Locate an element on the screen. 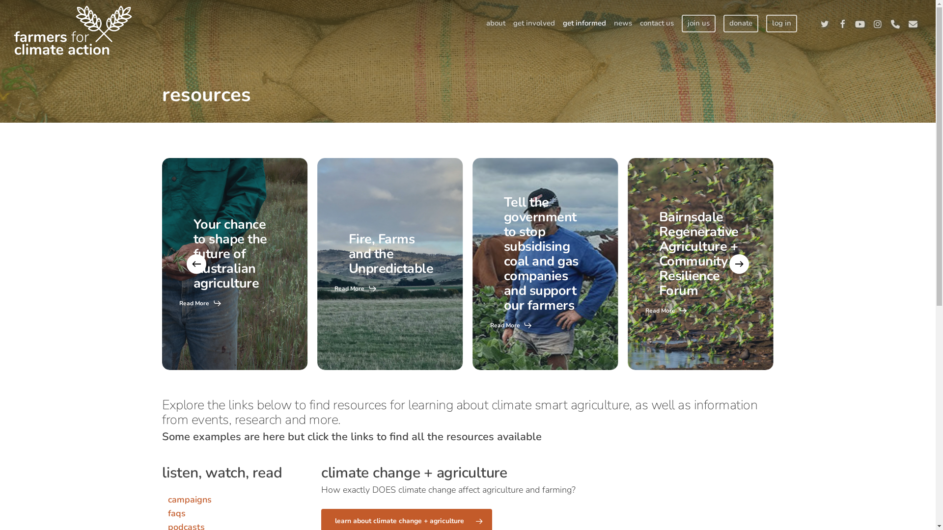 The image size is (943, 530). 'news' is located at coordinates (610, 23).